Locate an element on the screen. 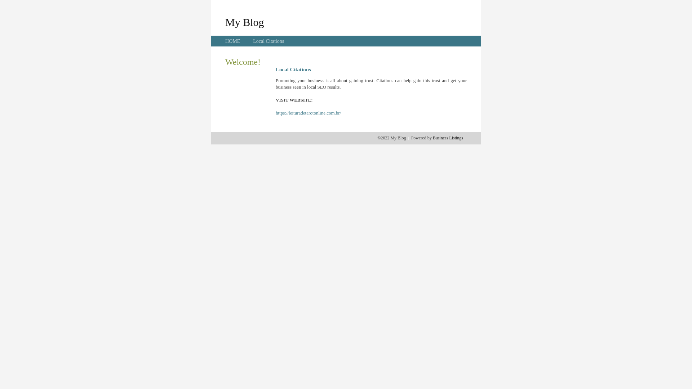 Image resolution: width=692 pixels, height=389 pixels. 'Business Listings' is located at coordinates (448, 138).